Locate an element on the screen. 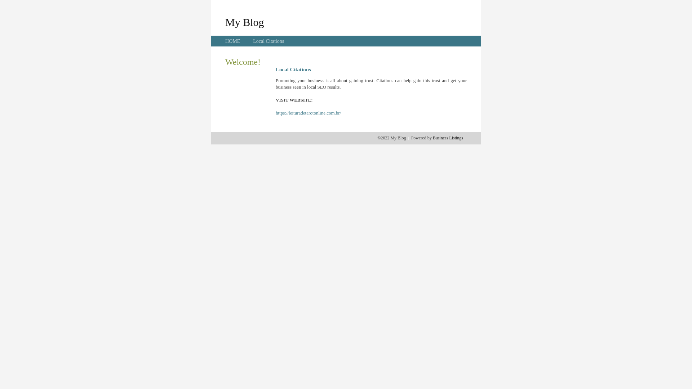 Image resolution: width=692 pixels, height=389 pixels. 'Business Listings' is located at coordinates (448, 138).